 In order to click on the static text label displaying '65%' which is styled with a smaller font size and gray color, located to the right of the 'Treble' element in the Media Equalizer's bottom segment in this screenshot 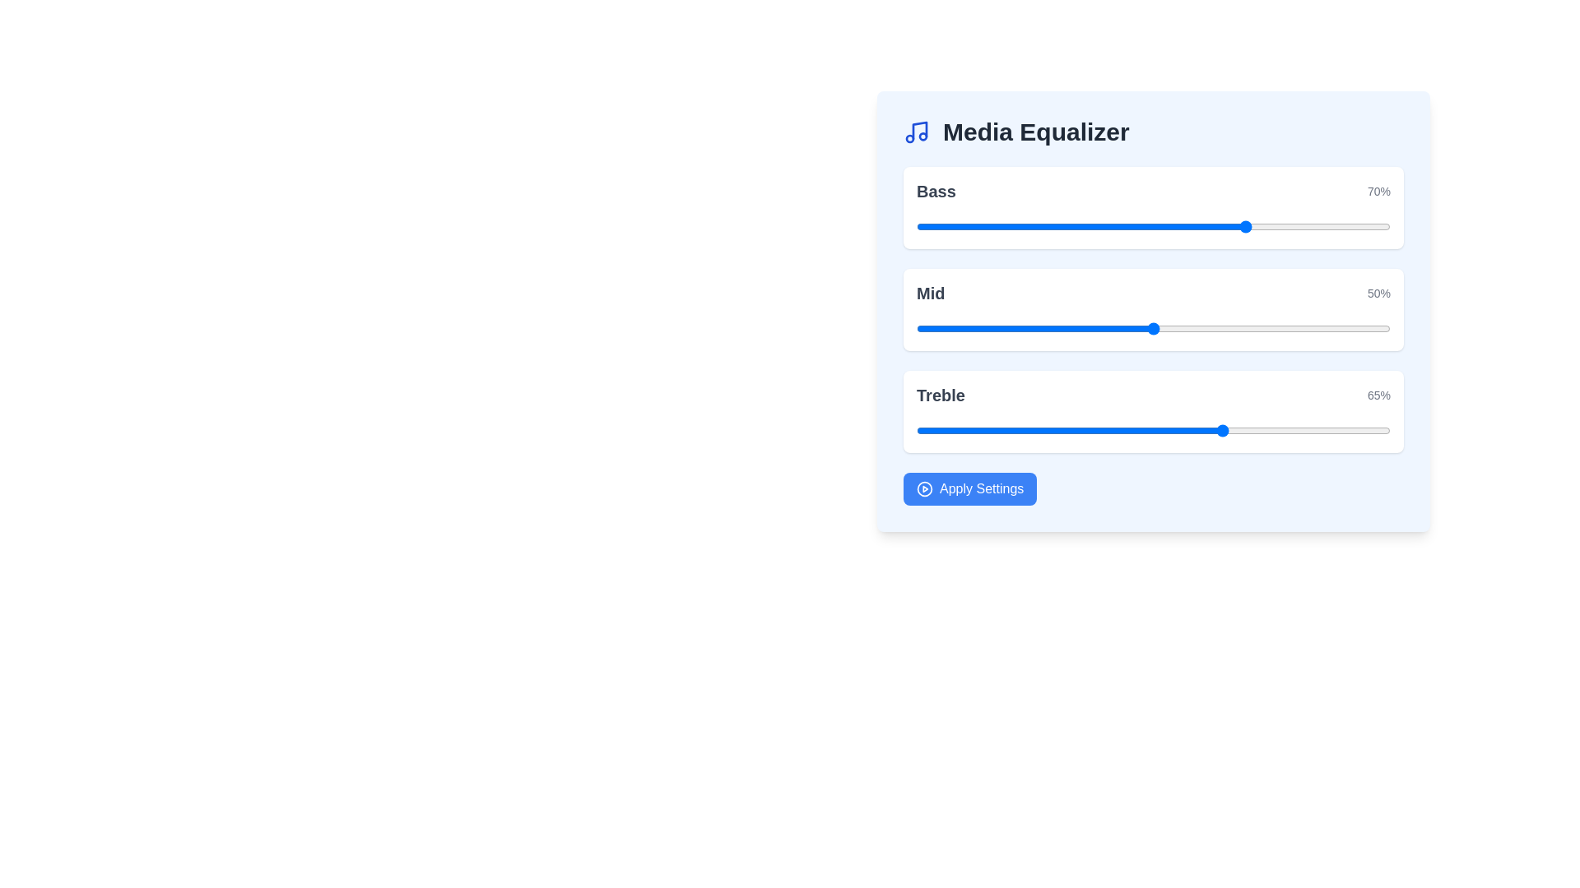, I will do `click(1378, 395)`.